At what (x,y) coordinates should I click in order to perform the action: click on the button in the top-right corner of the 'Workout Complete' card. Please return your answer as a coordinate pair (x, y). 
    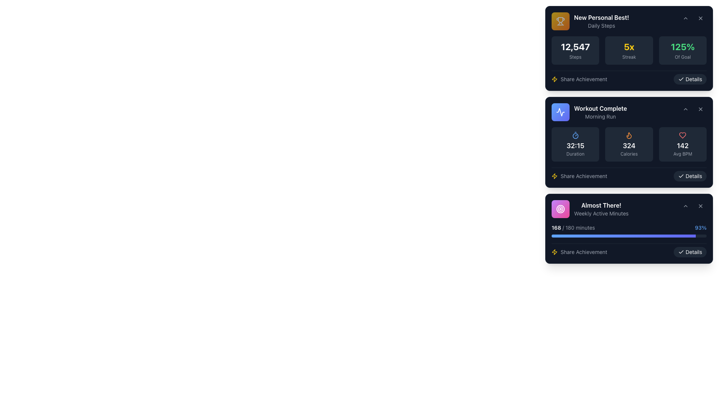
    Looking at the image, I should click on (700, 109).